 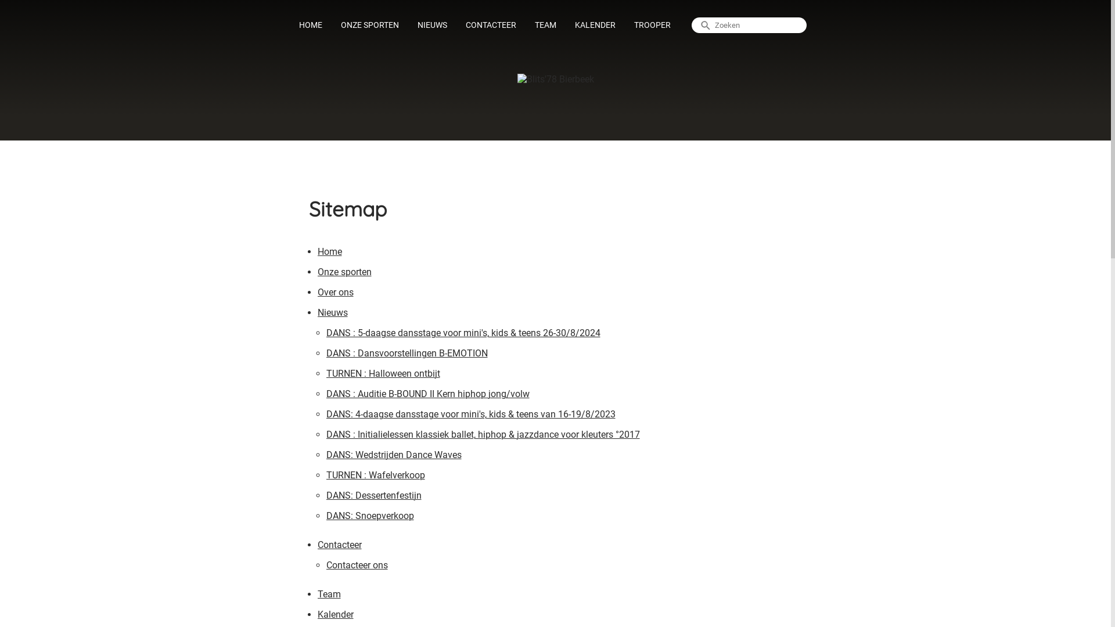 What do you see at coordinates (369, 517) in the screenshot?
I see `'DANS: Snoepverkoop'` at bounding box center [369, 517].